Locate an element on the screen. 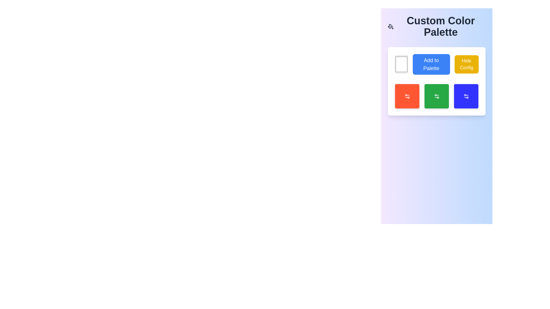  the rectangular button with a blue background and white text reading 'Add to Palette' is located at coordinates (431, 64).